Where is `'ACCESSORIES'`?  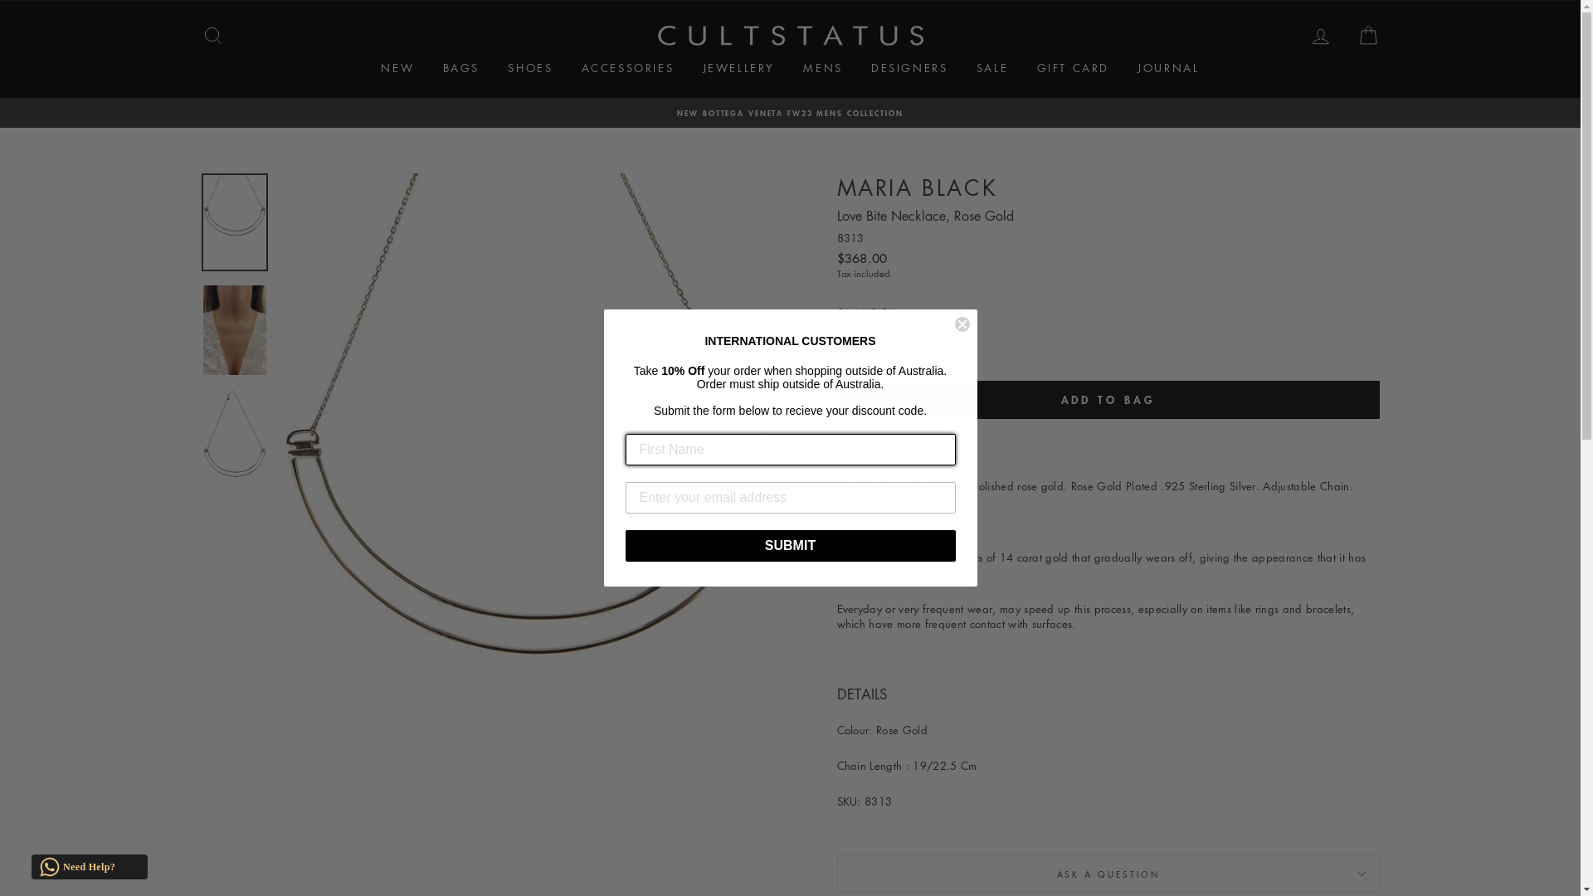
'ACCESSORIES' is located at coordinates (627, 66).